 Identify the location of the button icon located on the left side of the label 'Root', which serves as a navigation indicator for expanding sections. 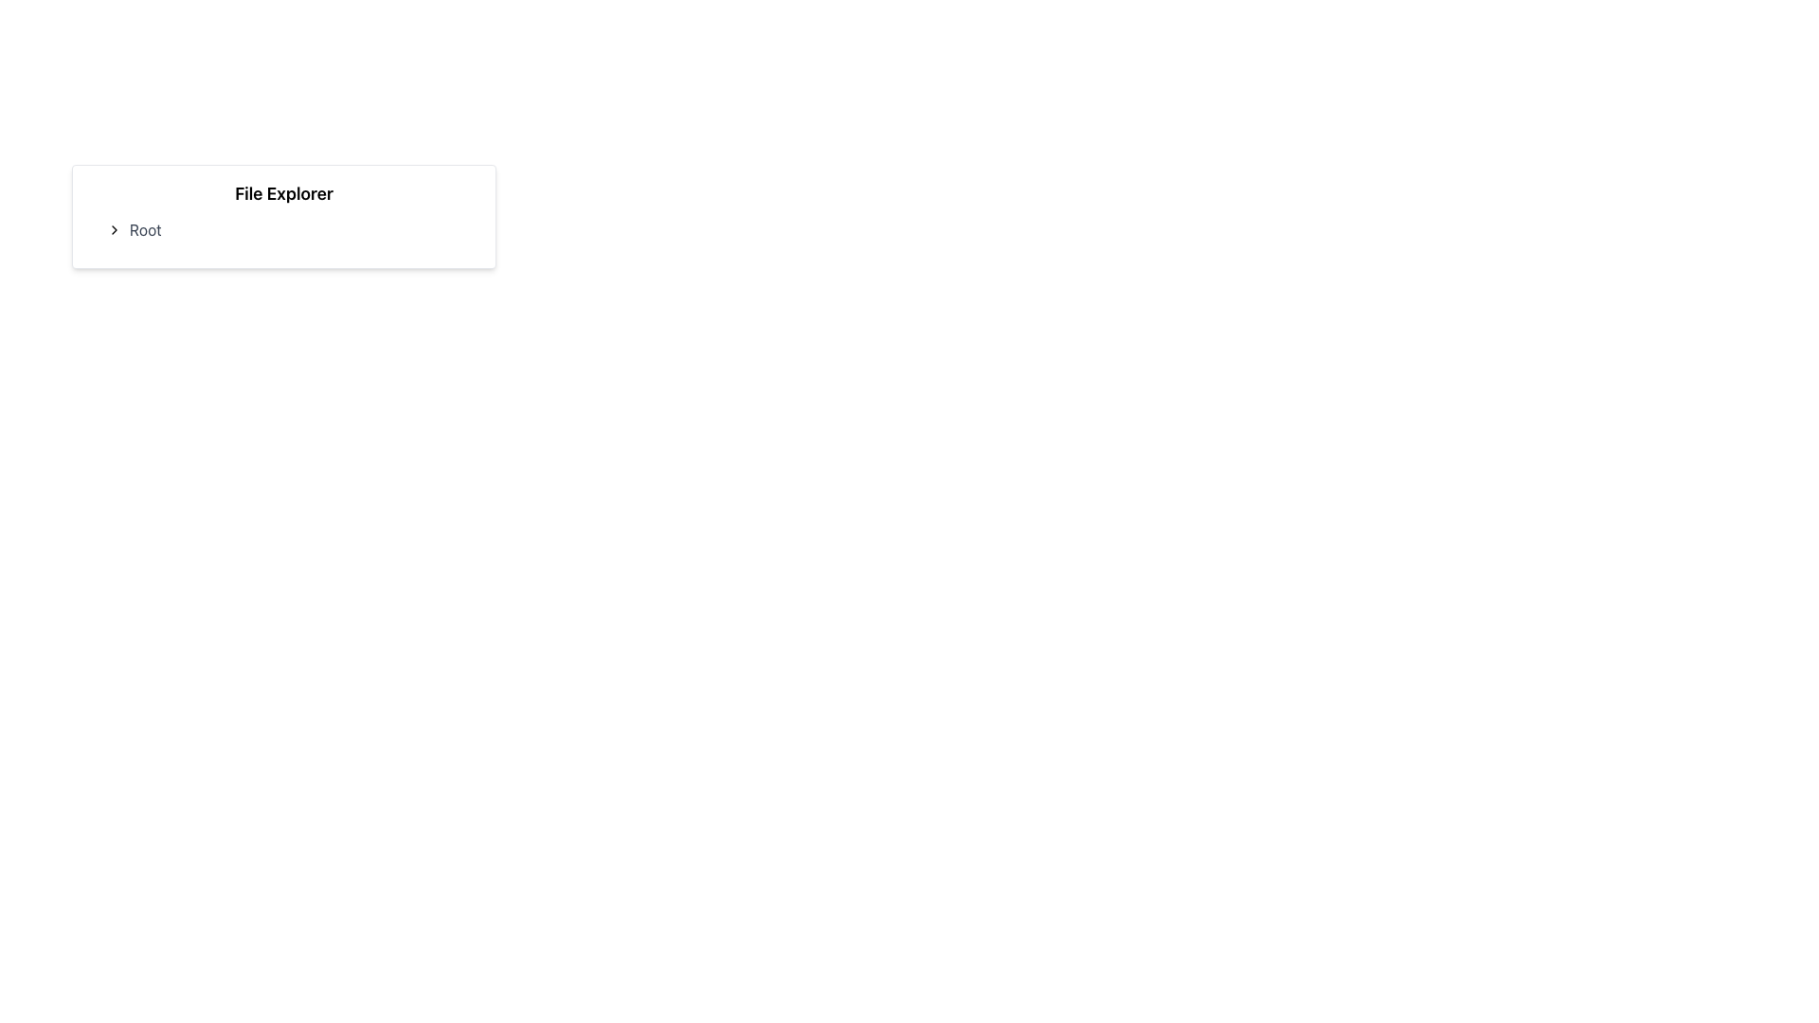
(113, 229).